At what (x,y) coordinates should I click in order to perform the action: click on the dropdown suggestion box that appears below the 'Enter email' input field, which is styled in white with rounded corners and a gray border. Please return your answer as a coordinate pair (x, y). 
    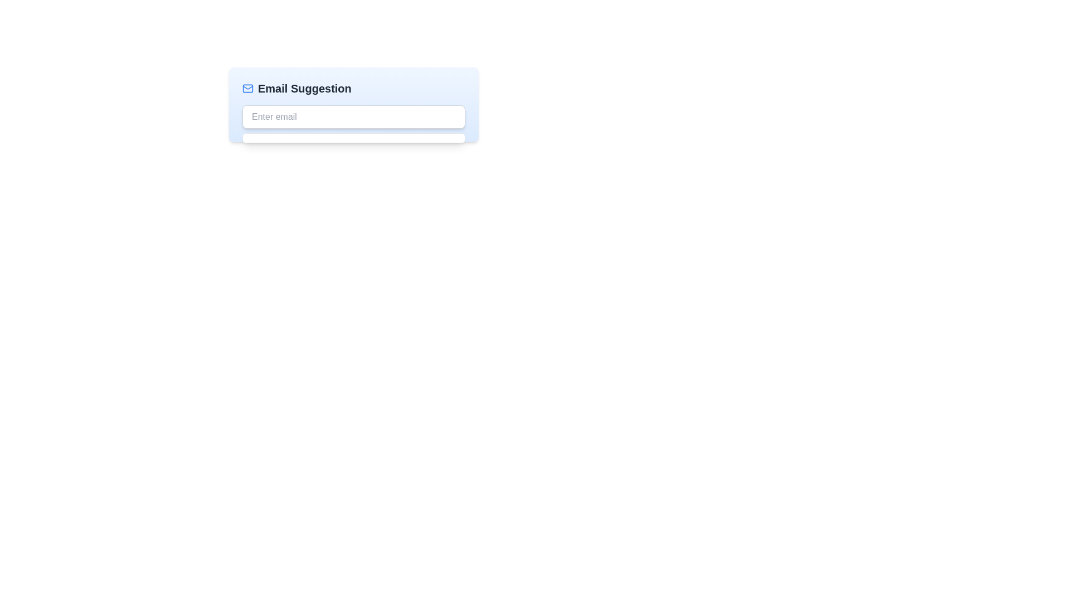
    Looking at the image, I should click on (353, 137).